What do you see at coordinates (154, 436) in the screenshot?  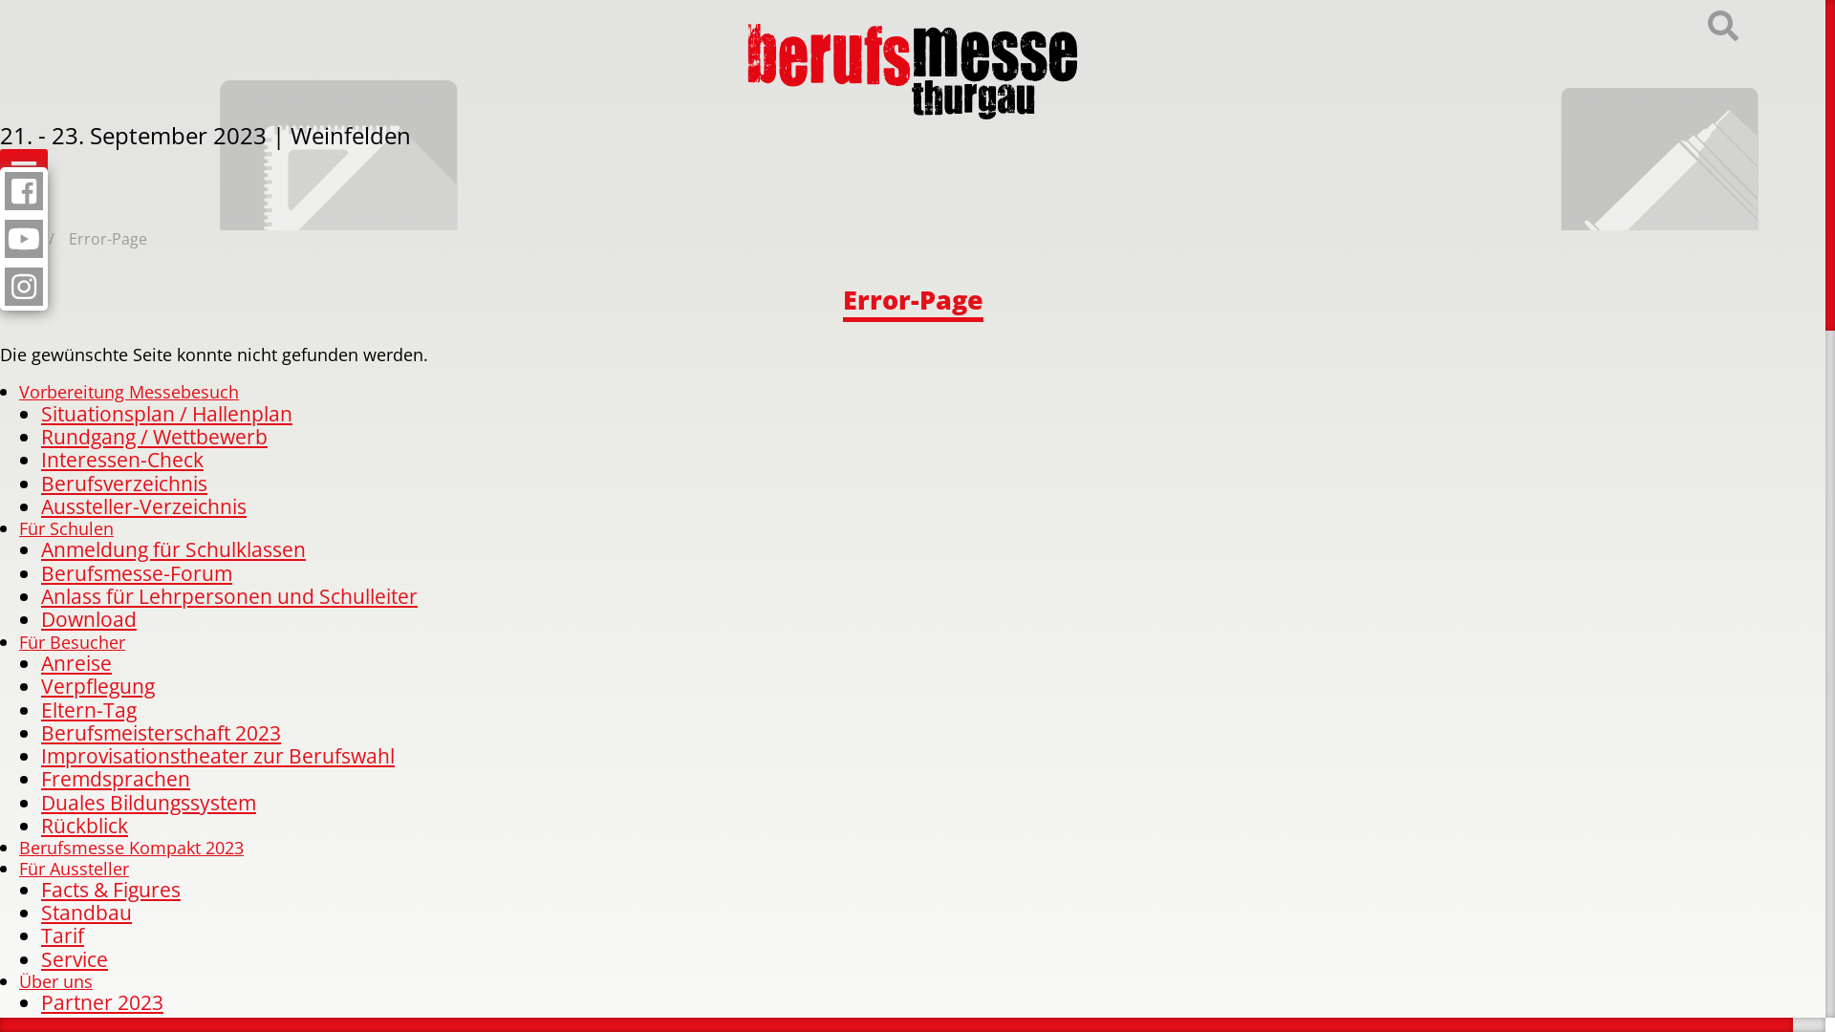 I see `'Rundgang / Wettbewerb'` at bounding box center [154, 436].